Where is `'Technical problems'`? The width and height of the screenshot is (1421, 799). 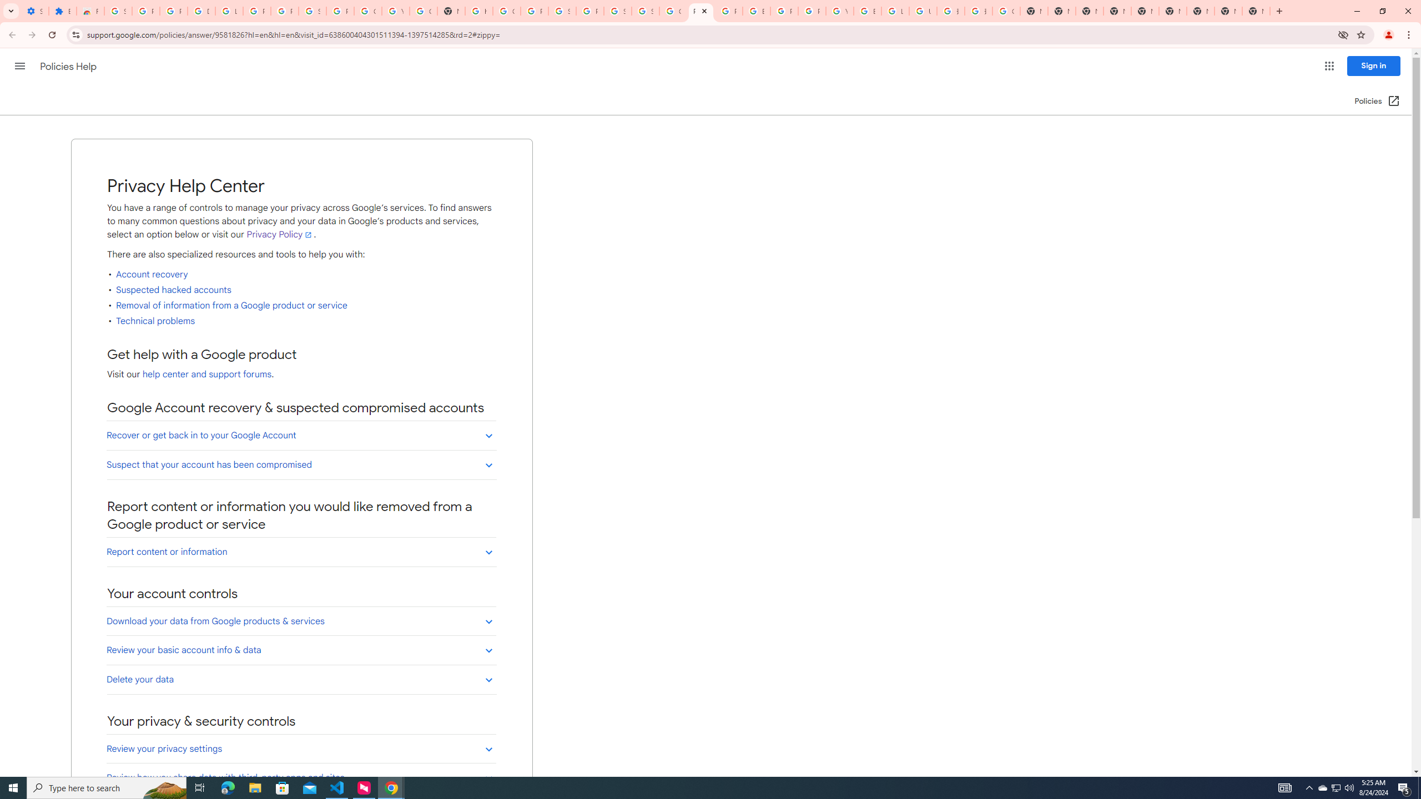 'Technical problems' is located at coordinates (156, 321).